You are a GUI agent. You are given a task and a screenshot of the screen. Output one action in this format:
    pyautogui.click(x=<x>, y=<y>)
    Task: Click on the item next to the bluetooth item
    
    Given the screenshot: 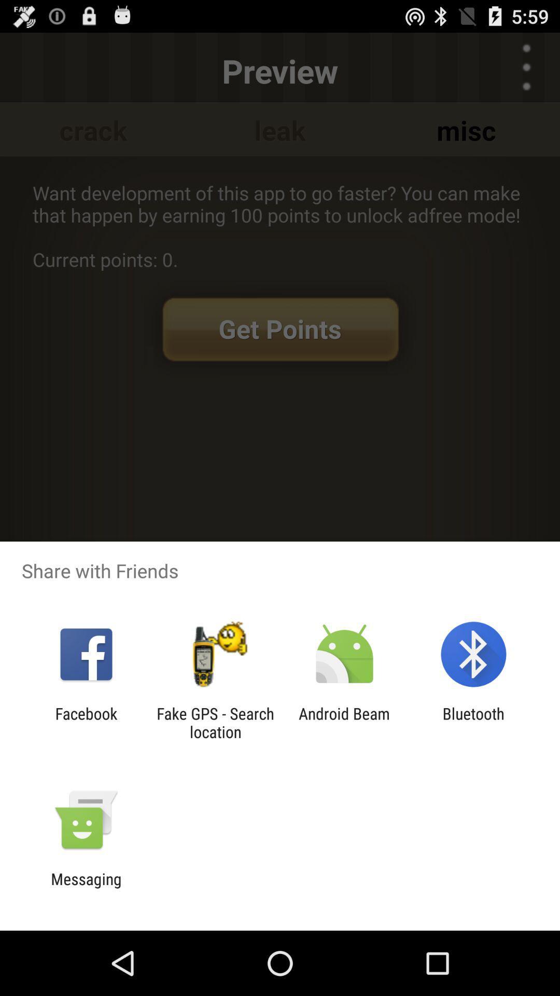 What is the action you would take?
    pyautogui.click(x=344, y=722)
    